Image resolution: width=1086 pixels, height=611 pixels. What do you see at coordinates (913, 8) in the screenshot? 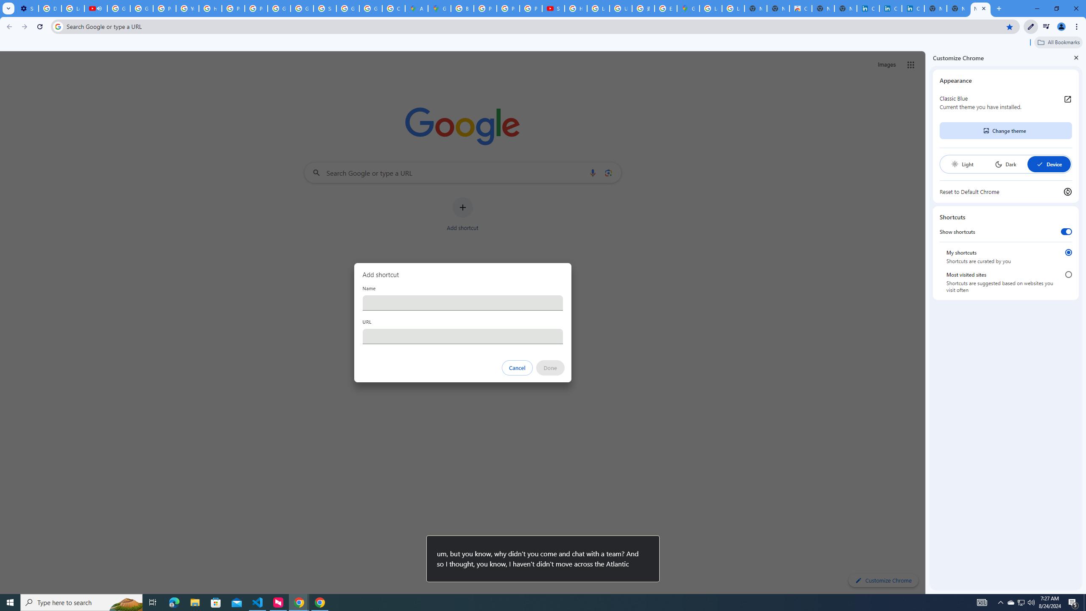
I see `'Copyright Policy'` at bounding box center [913, 8].